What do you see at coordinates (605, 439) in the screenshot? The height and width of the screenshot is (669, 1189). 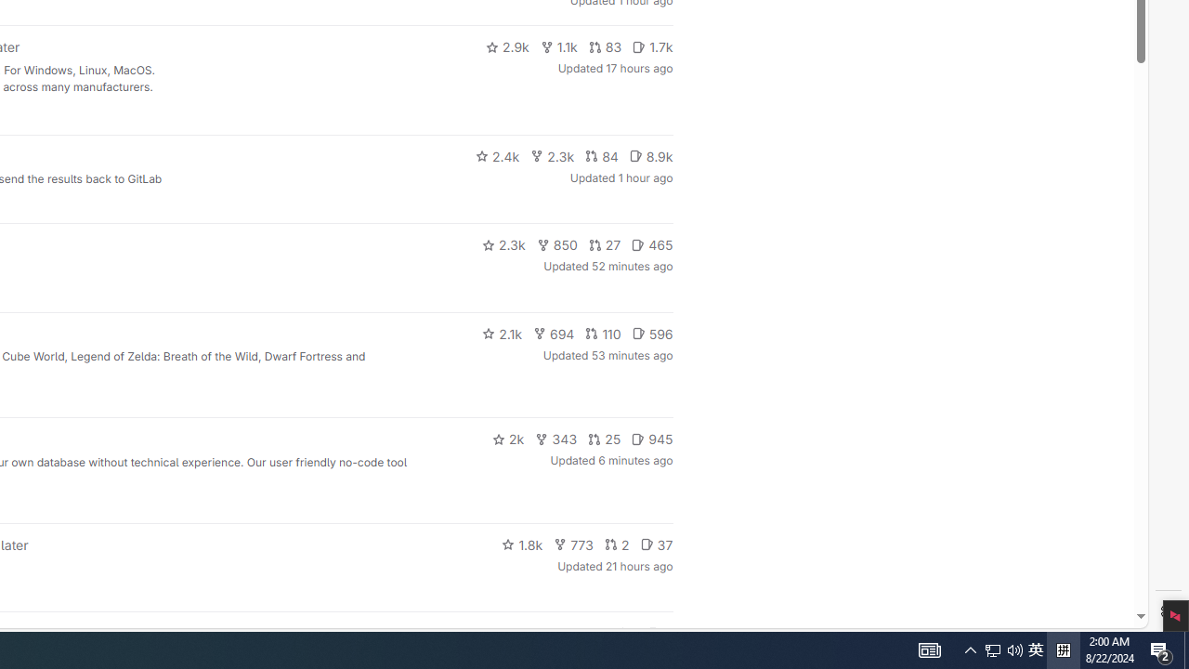 I see `'25'` at bounding box center [605, 439].